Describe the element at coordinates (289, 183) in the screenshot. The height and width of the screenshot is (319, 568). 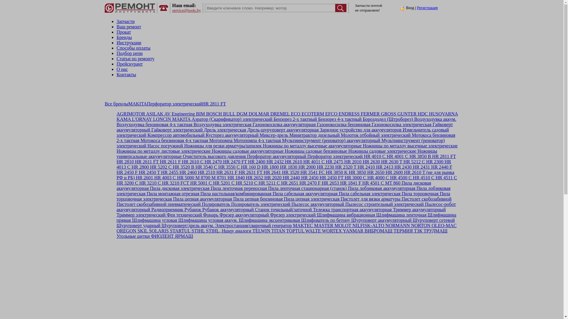
I see `'HR 2651'` at that location.